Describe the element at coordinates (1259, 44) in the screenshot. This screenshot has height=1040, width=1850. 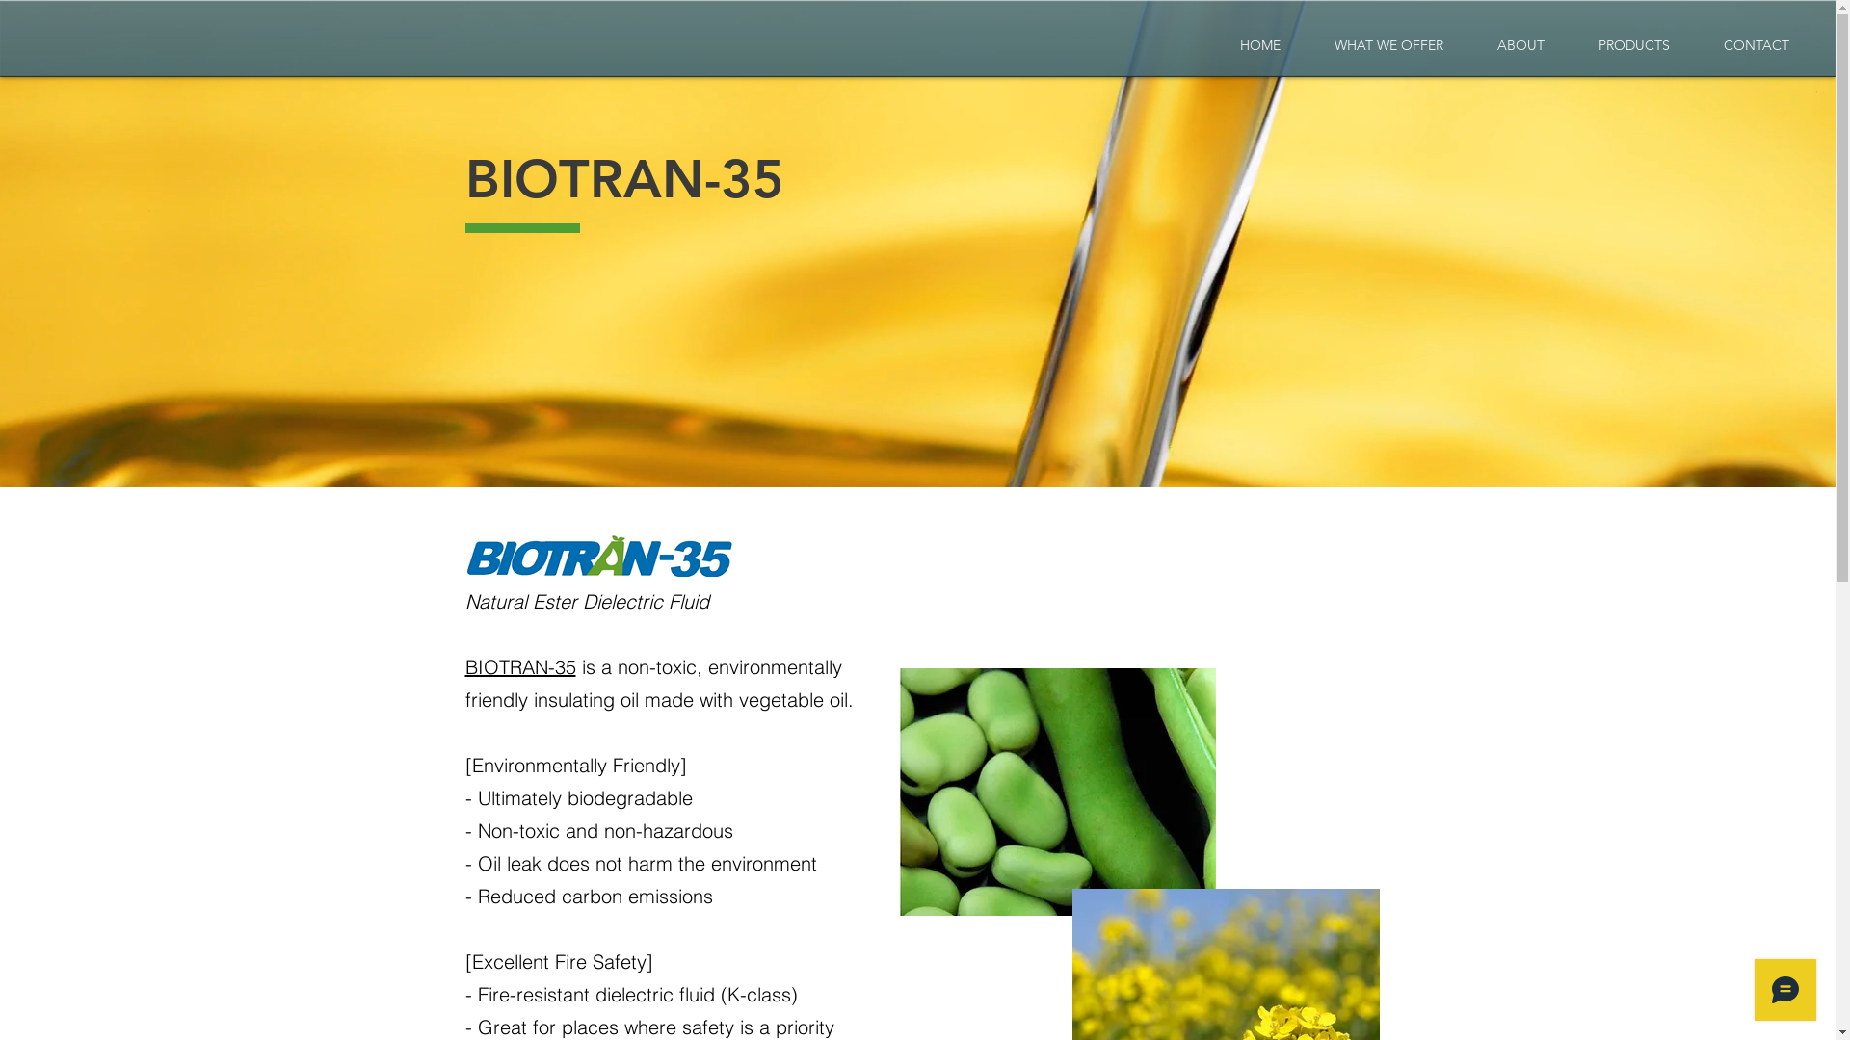
I see `'HOME'` at that location.